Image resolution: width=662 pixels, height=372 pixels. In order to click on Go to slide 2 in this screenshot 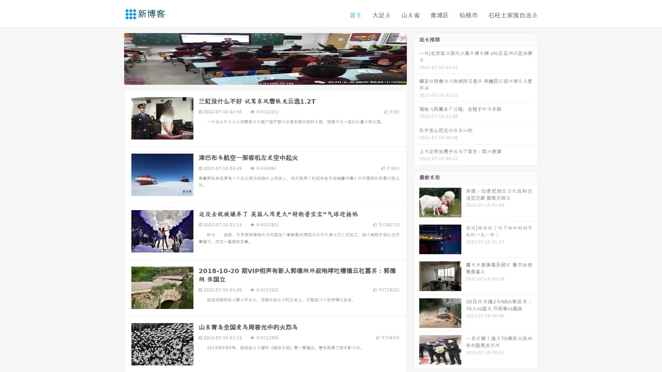, I will do `click(265, 77)`.